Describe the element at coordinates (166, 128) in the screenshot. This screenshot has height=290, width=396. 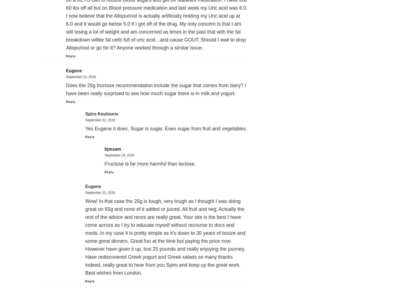
I see `'Yes Eugene it does. Sugar is sugar. Even sugar from fruit and vegetables.'` at that location.